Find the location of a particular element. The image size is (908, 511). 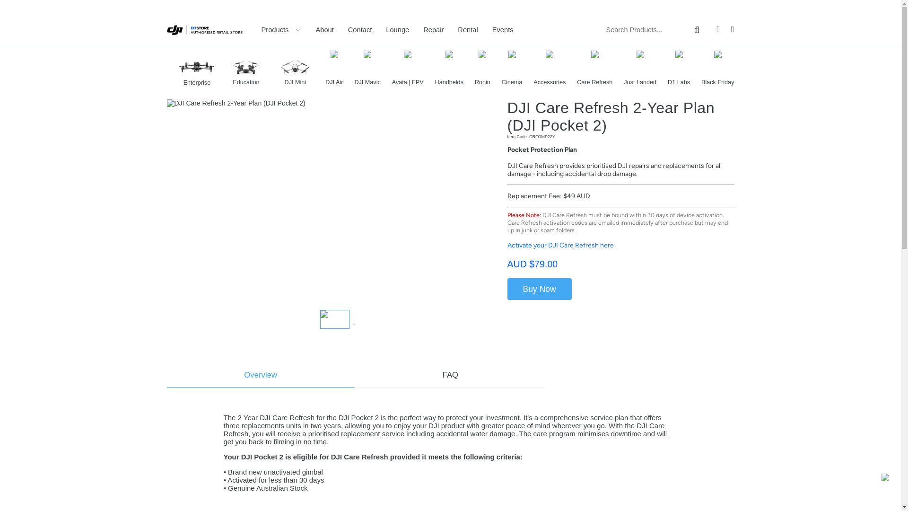

'Ronin' is located at coordinates (482, 68).